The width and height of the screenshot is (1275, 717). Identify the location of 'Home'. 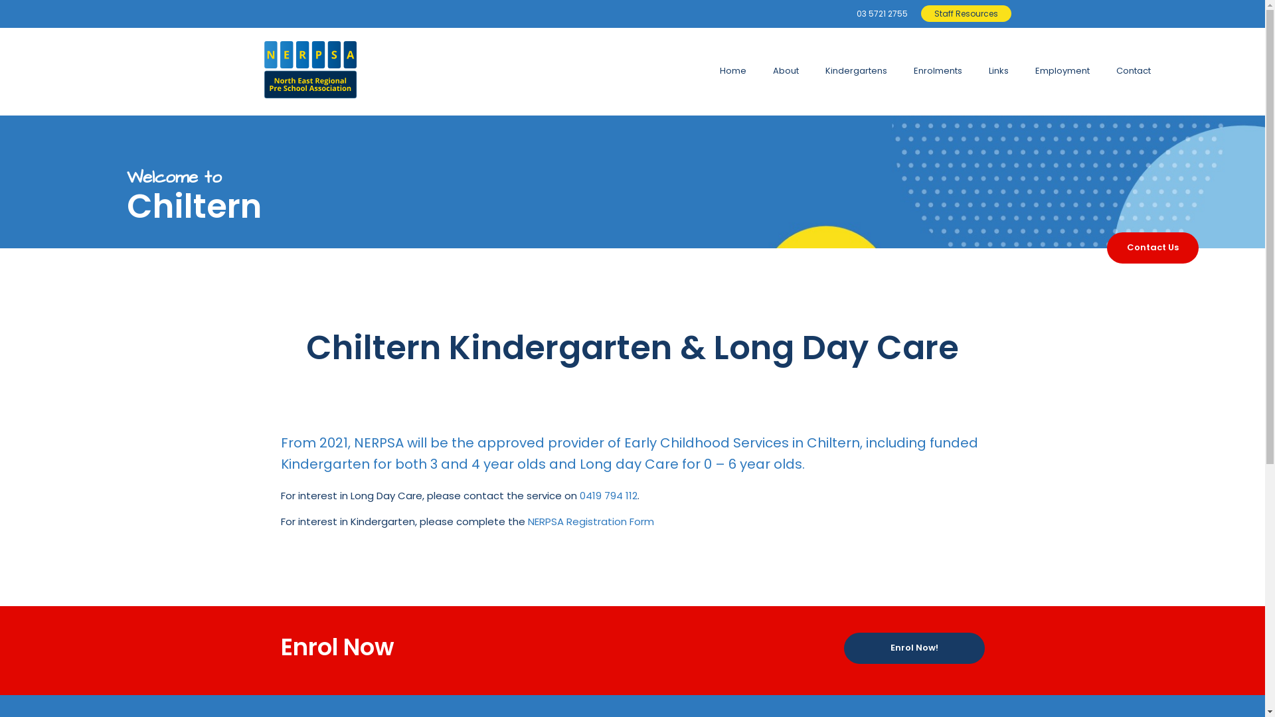
(732, 70).